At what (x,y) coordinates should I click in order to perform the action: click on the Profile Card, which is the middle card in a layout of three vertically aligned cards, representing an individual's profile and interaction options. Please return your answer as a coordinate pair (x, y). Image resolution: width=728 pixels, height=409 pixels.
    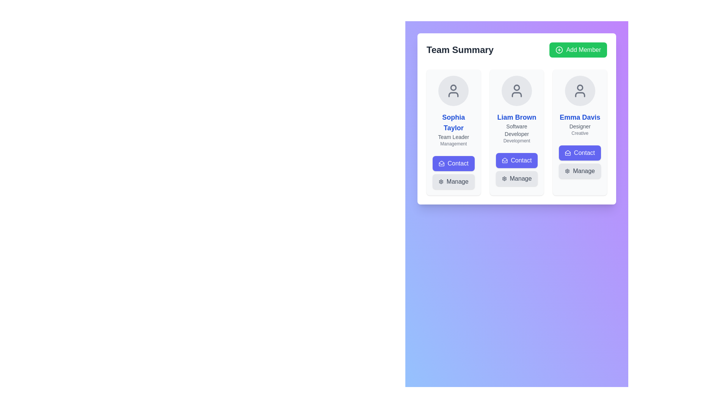
    Looking at the image, I should click on (516, 131).